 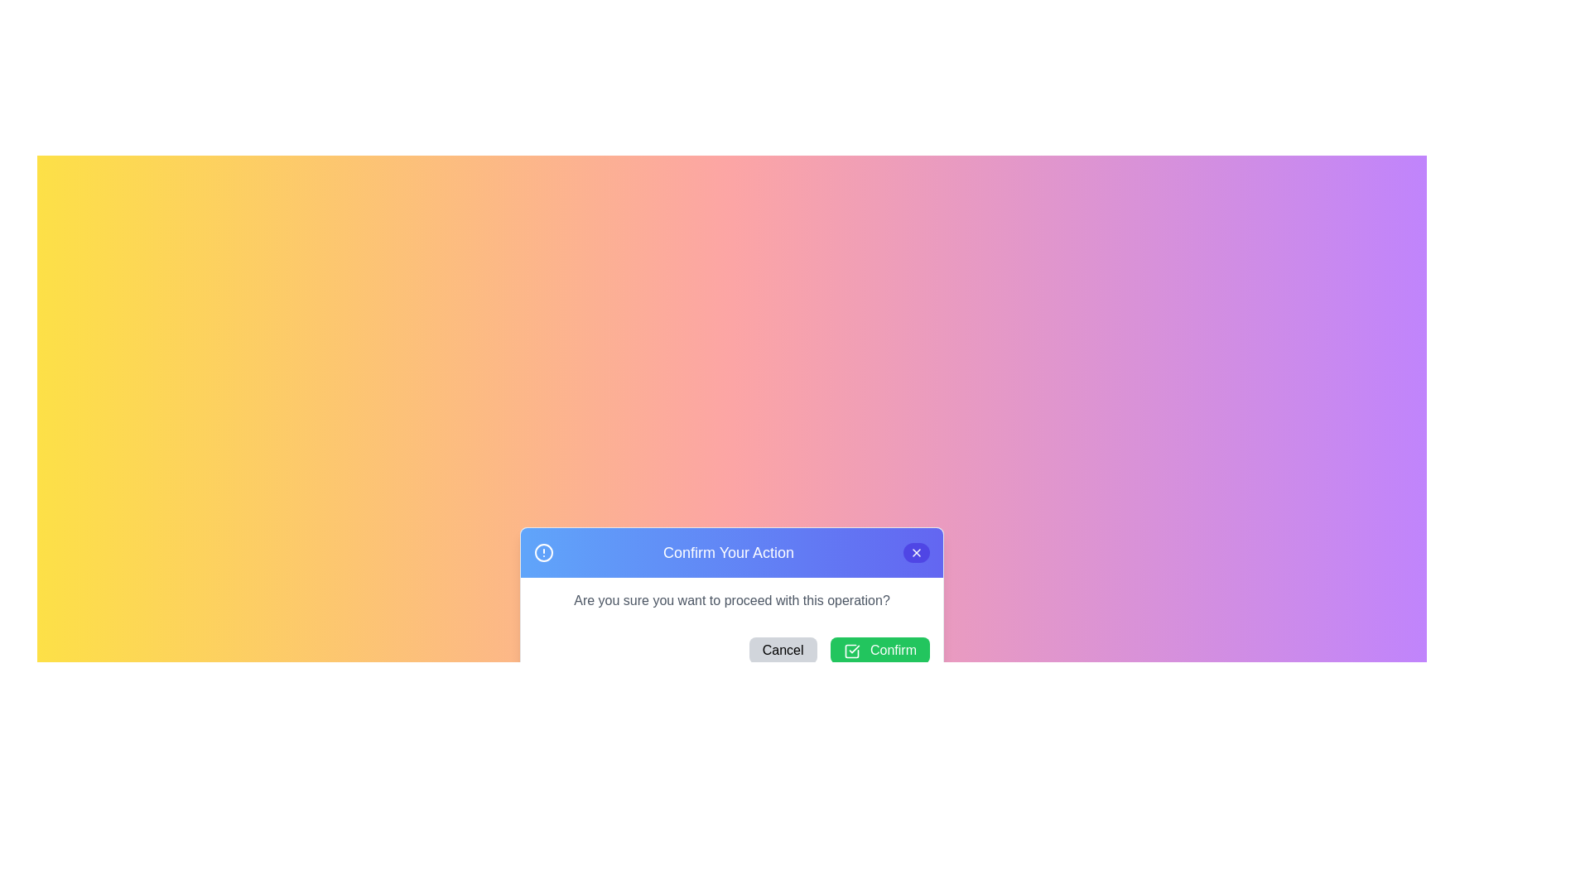 I want to click on the green 'Confirm' button with white text and a checkmark icon located towards the bottom-right of the modal dialog, so click(x=879, y=650).